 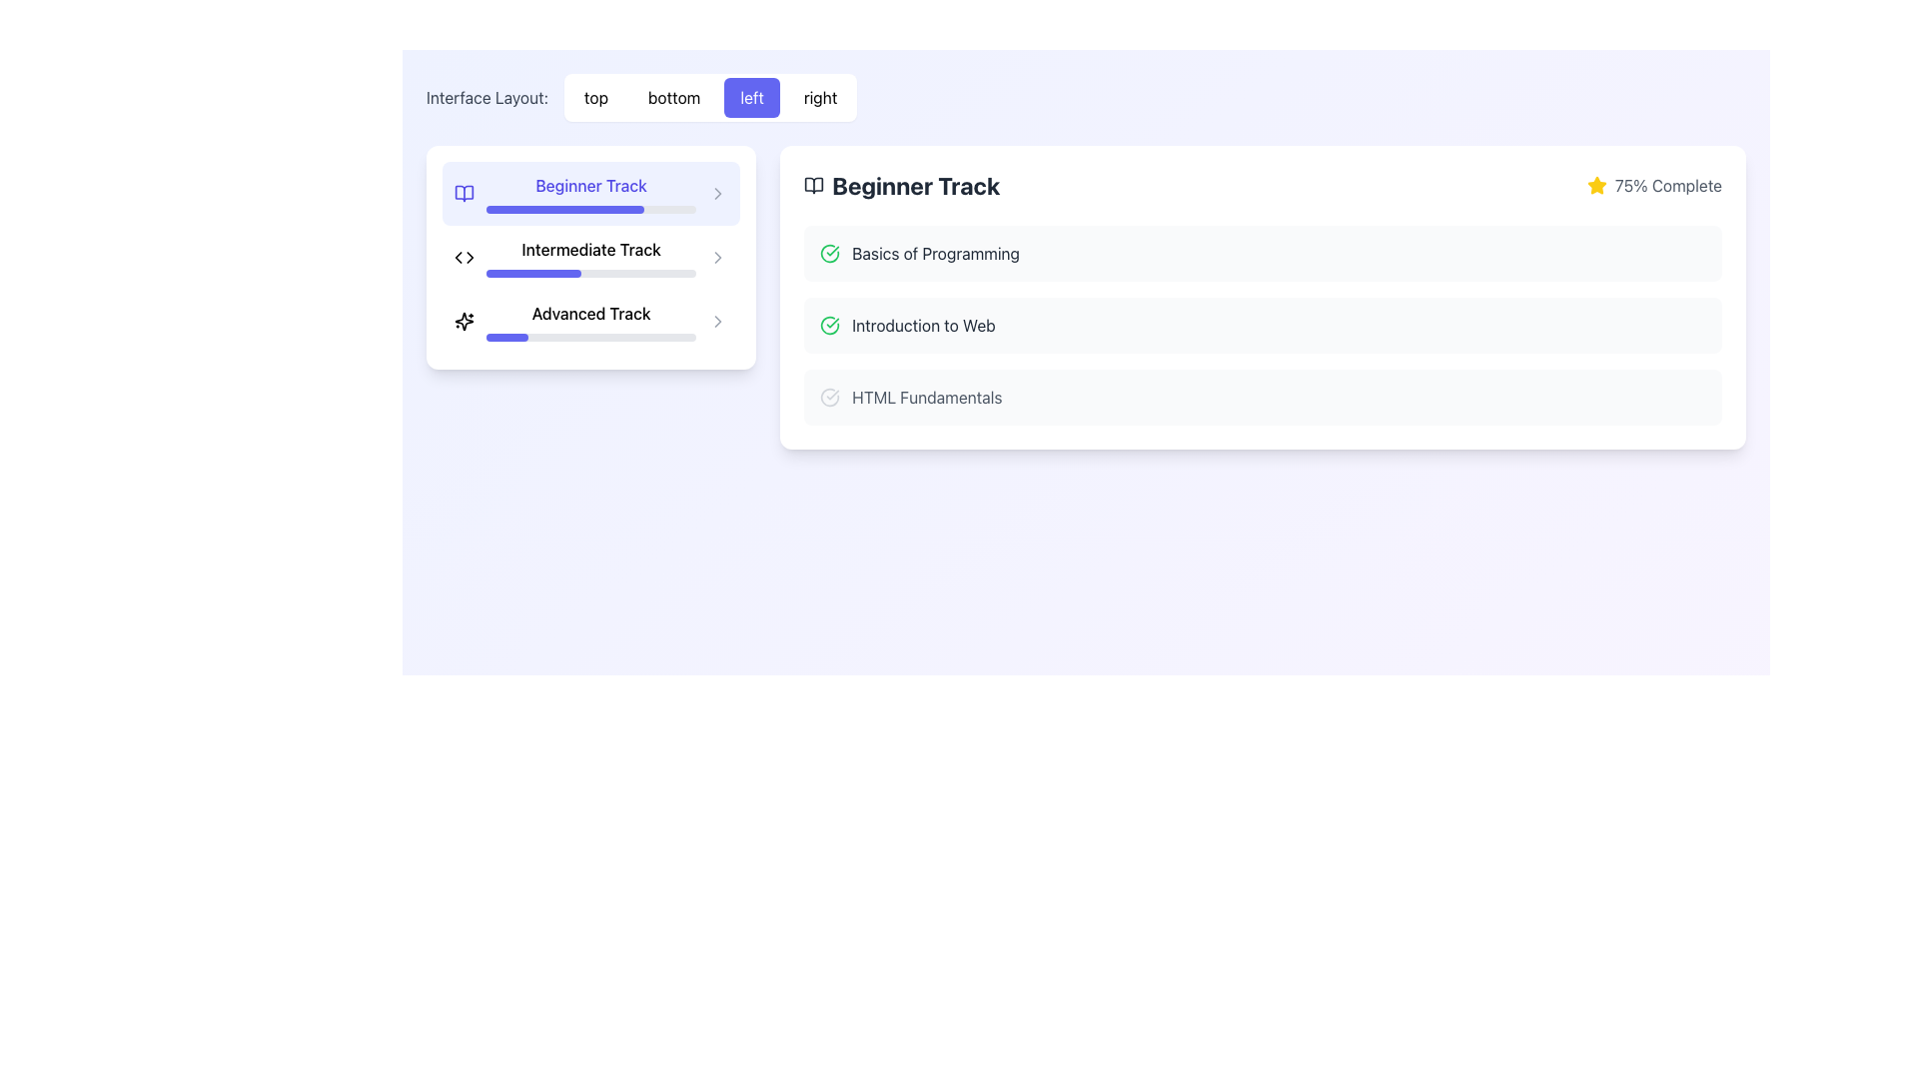 I want to click on the static text label reading 'Advanced Track', so click(x=590, y=313).